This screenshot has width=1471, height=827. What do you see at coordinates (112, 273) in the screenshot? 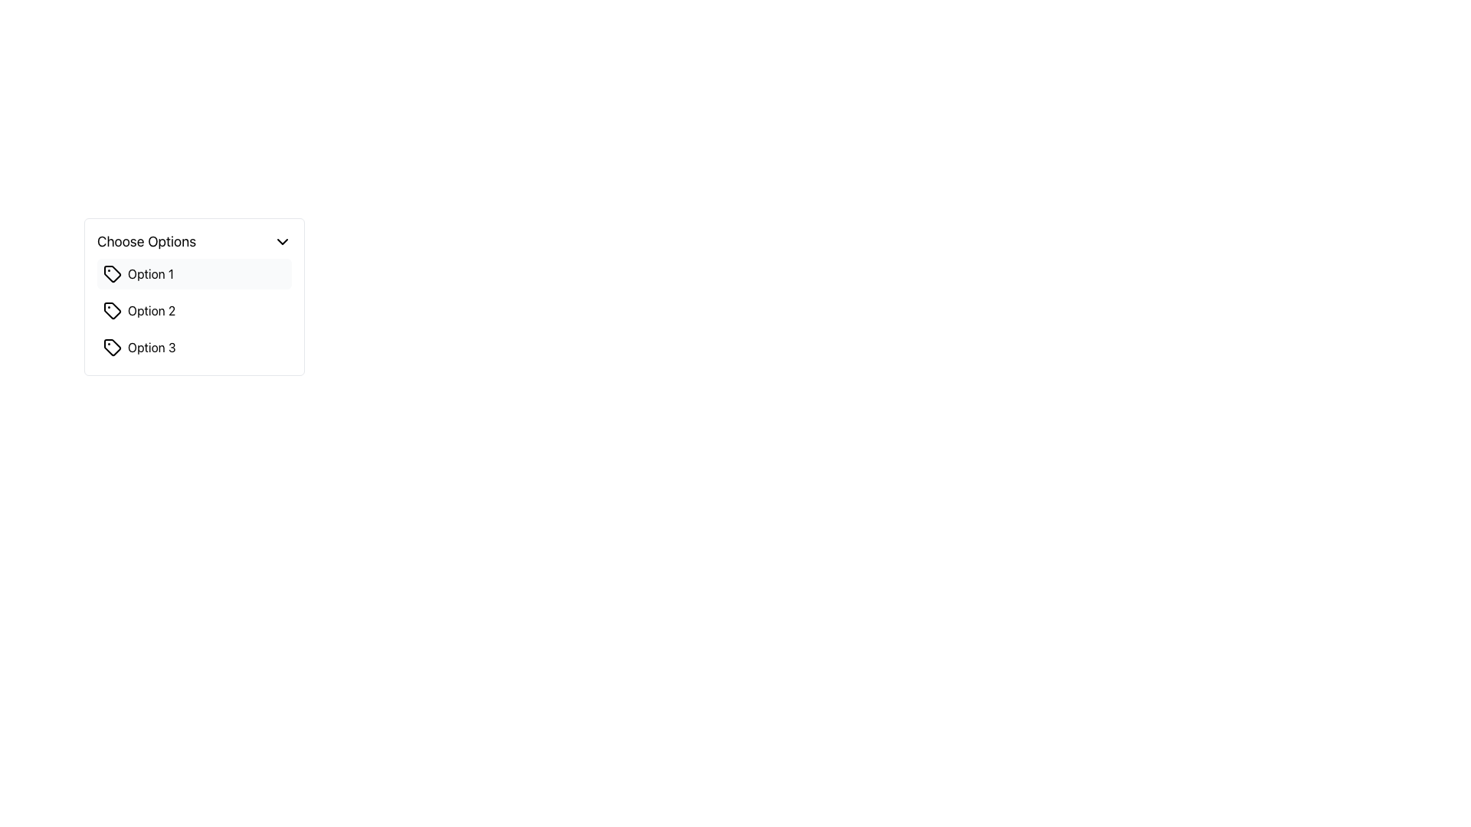
I see `the tag icon in the dropdown menu labeled 'Choose Options', located to the left of 'Option 1'` at bounding box center [112, 273].